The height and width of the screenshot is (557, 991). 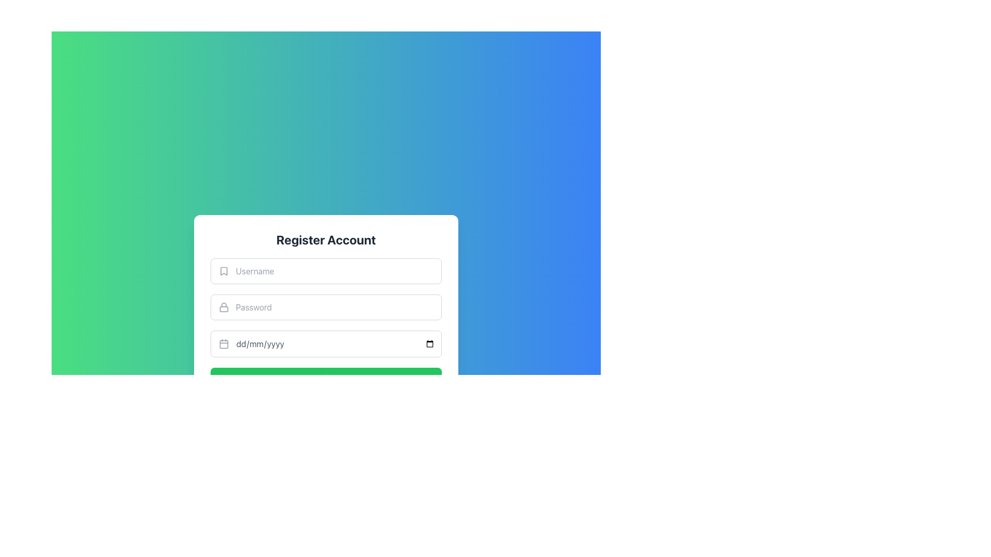 I want to click on the submit button located at the bottom of the form, so click(x=326, y=378).